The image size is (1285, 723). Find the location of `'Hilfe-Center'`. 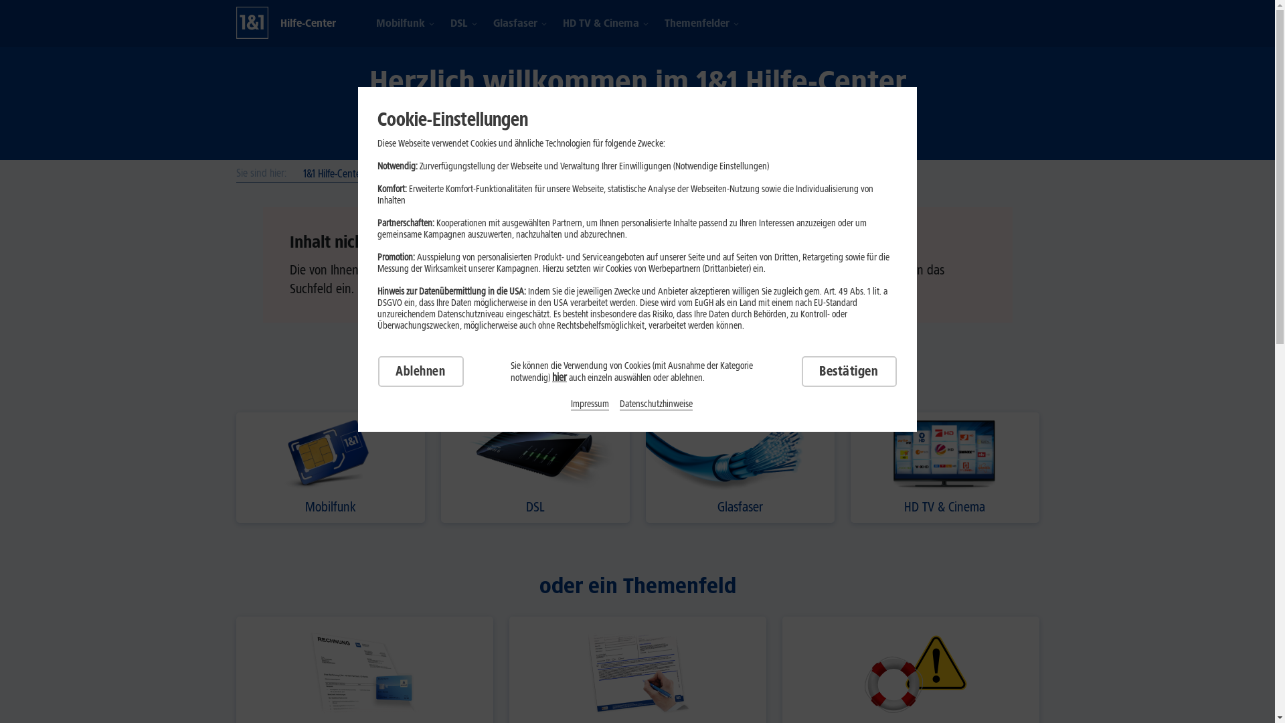

'Hilfe-Center' is located at coordinates (307, 23).